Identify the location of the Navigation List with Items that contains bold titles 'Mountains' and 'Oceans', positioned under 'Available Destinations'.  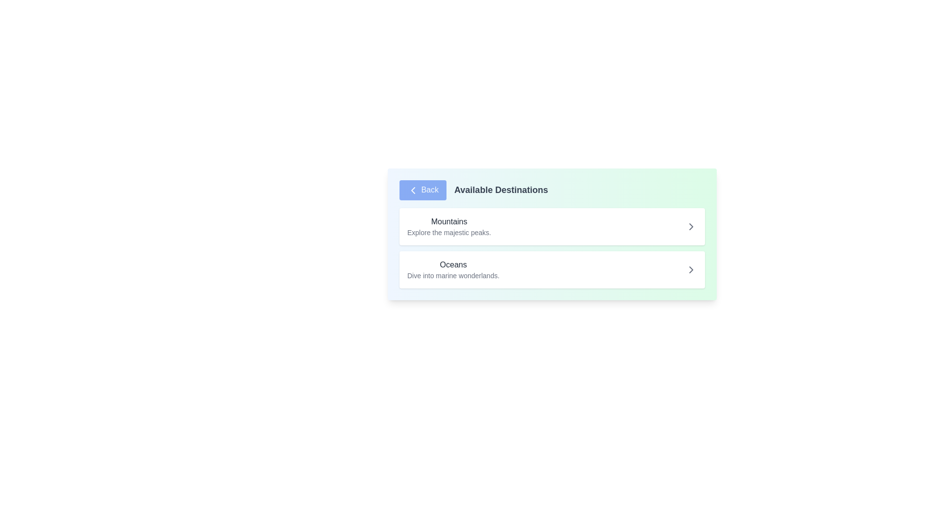
(552, 247).